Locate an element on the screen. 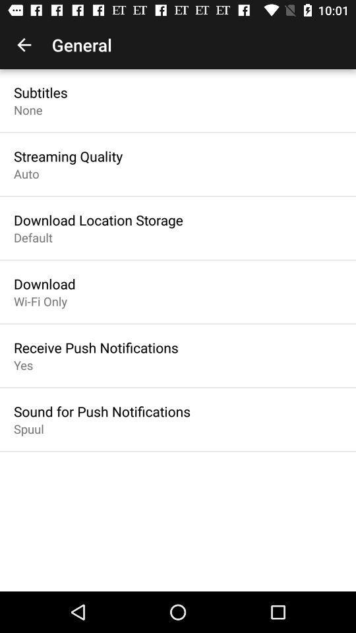 This screenshot has width=356, height=633. the wi-fi only is located at coordinates (40, 301).